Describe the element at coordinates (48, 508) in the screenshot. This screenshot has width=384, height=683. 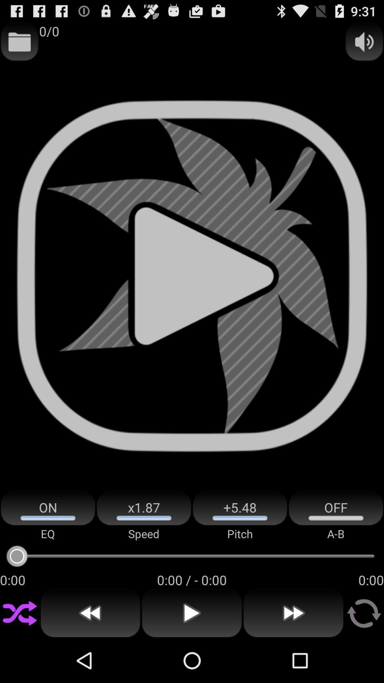
I see `the icon above the eq` at that location.